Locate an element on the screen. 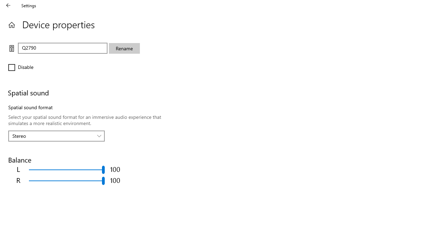  'Rename' is located at coordinates (124, 48).